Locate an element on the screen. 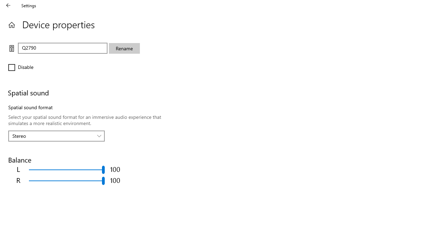  'Rename' is located at coordinates (124, 48).